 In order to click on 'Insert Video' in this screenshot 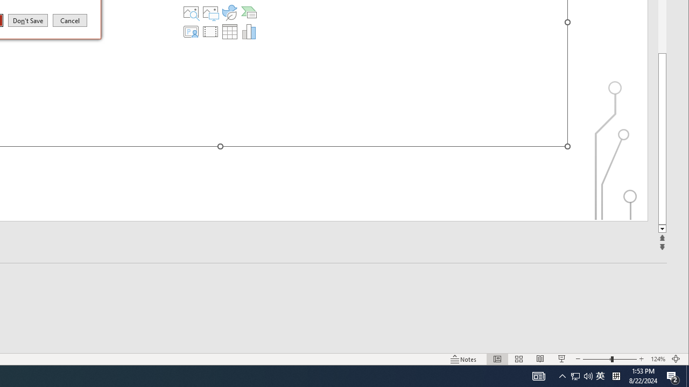, I will do `click(210, 31)`.